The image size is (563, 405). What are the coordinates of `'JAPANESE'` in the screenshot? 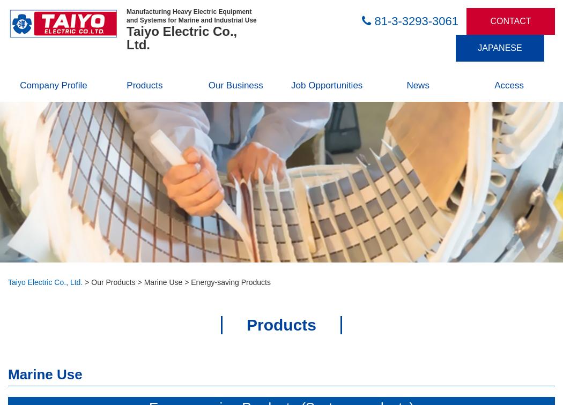 It's located at (499, 48).